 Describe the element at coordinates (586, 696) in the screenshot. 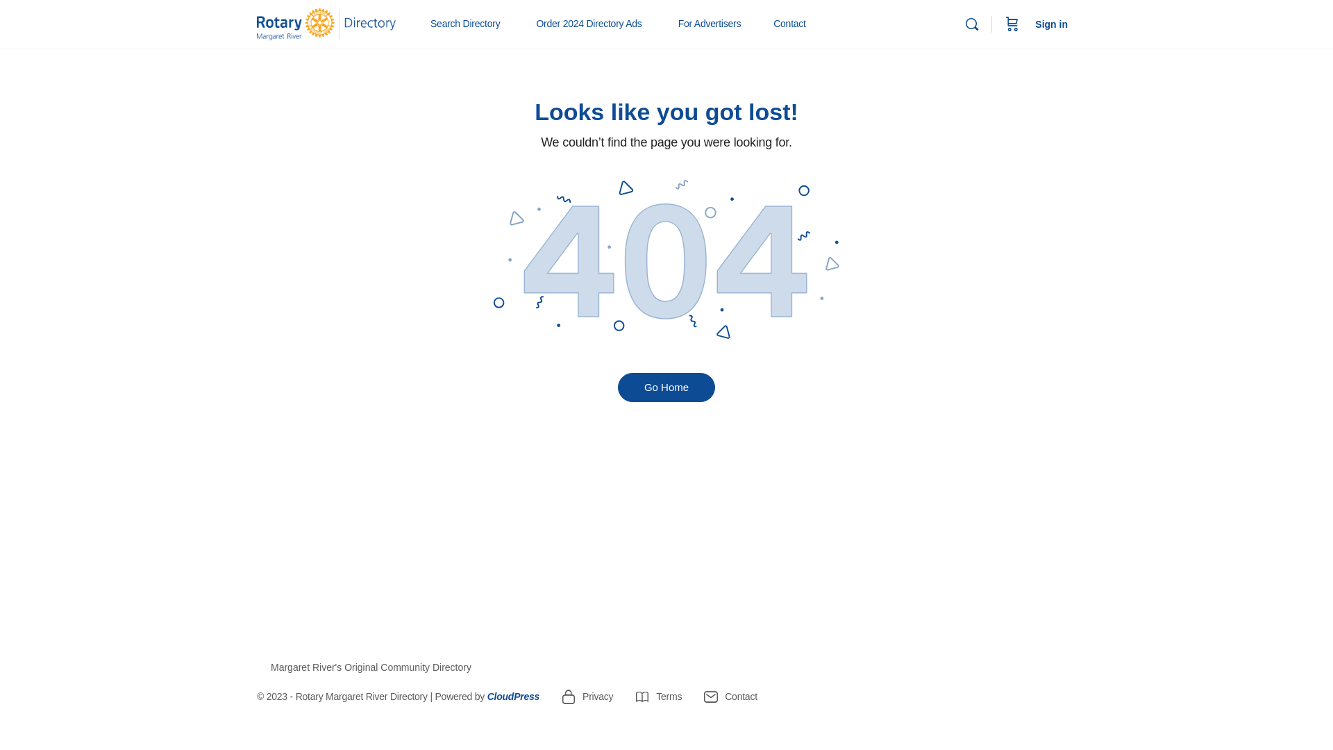

I see `'Privacy'` at that location.